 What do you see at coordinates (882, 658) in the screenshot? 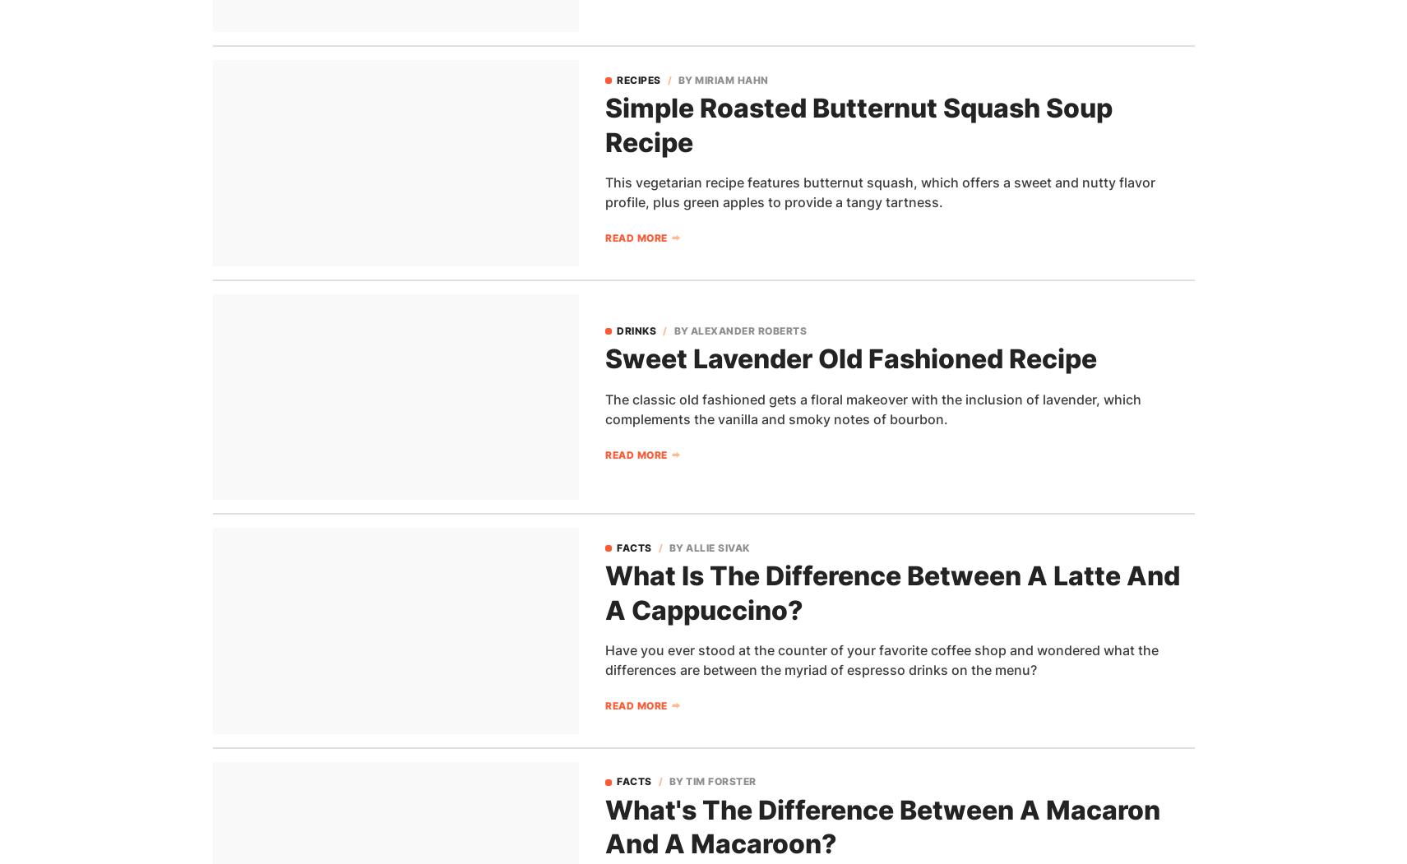
I see `'Have you ever stood at the counter of your favorite coffee shop and wondered what the differences are between the myriad of espresso drinks on the menu?'` at bounding box center [882, 658].